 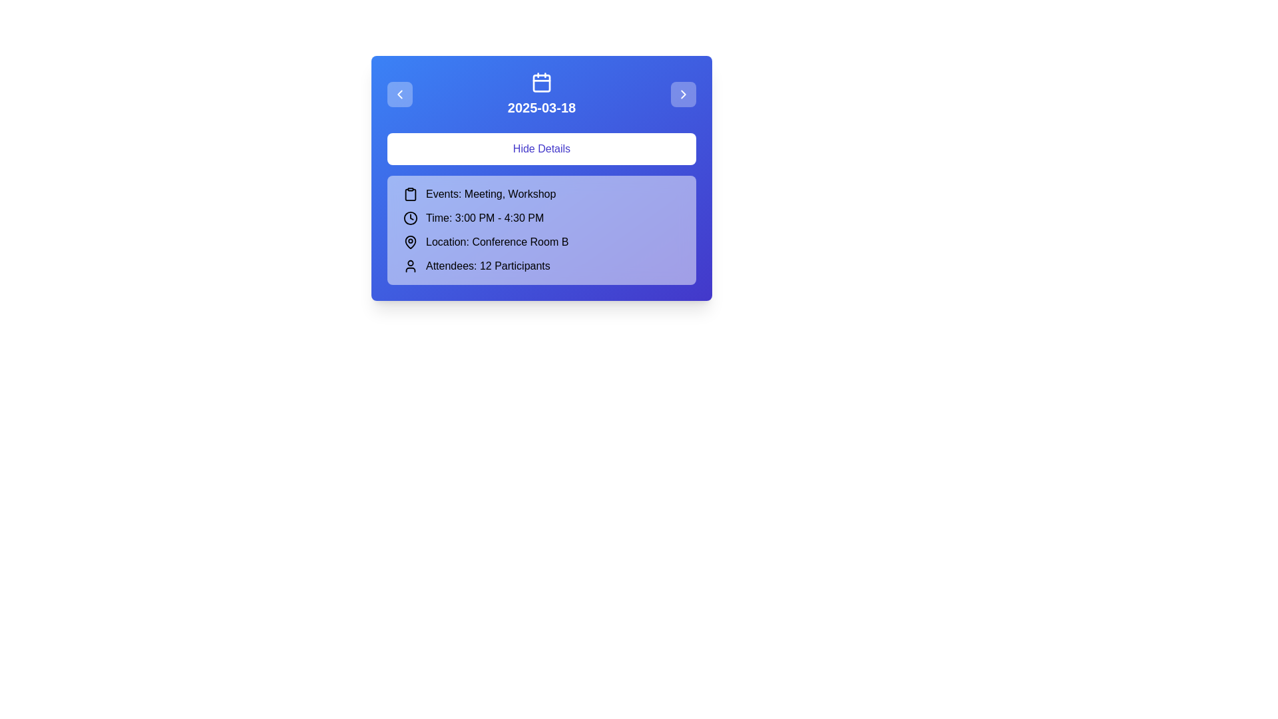 What do you see at coordinates (410, 194) in the screenshot?
I see `the clipboard-like icon located near the top left of the highlighted information block, aligned with the text 'Events: Meeting, Workshop'` at bounding box center [410, 194].